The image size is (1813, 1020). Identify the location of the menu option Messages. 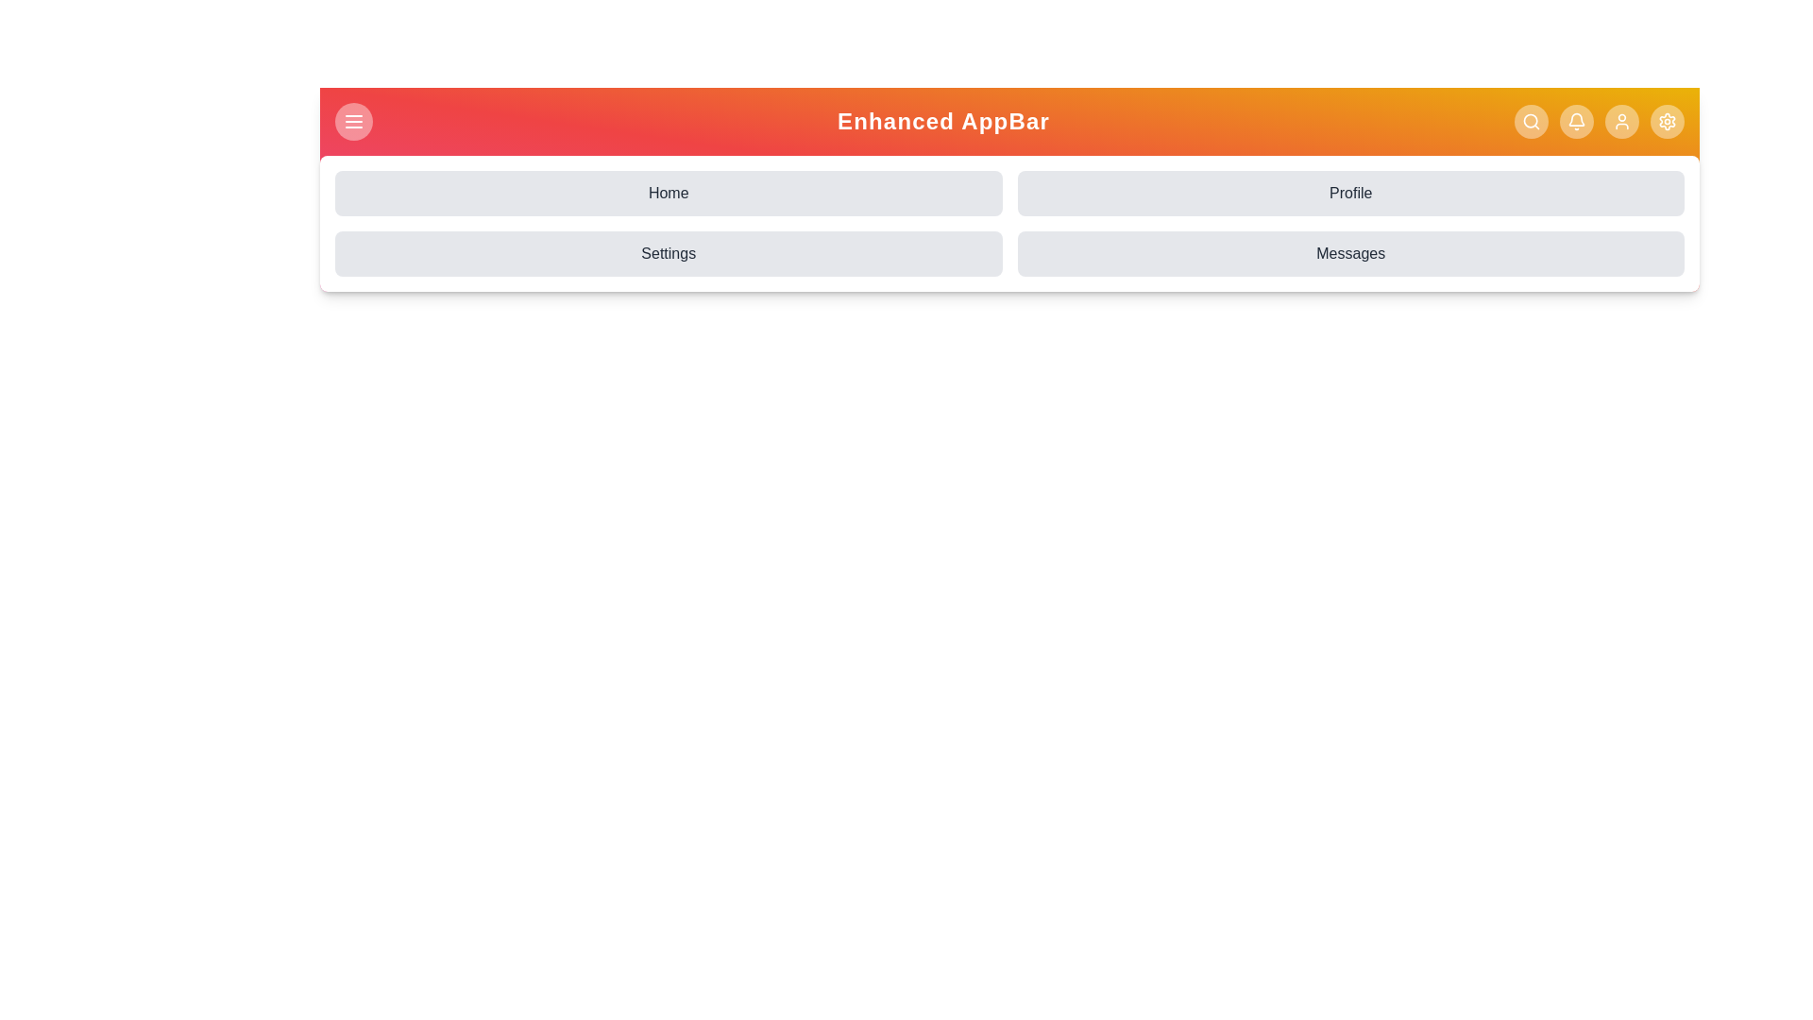
(1349, 253).